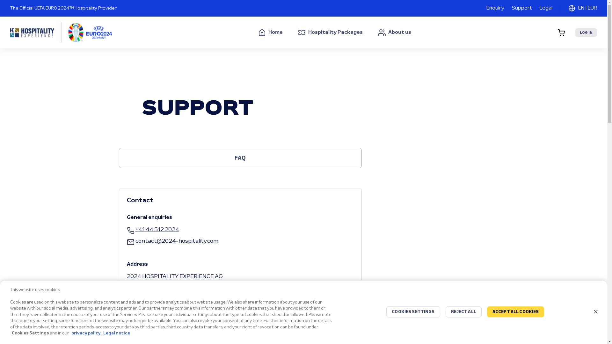 Image resolution: width=612 pixels, height=344 pixels. I want to click on 'Cookies Settings', so click(30, 333).